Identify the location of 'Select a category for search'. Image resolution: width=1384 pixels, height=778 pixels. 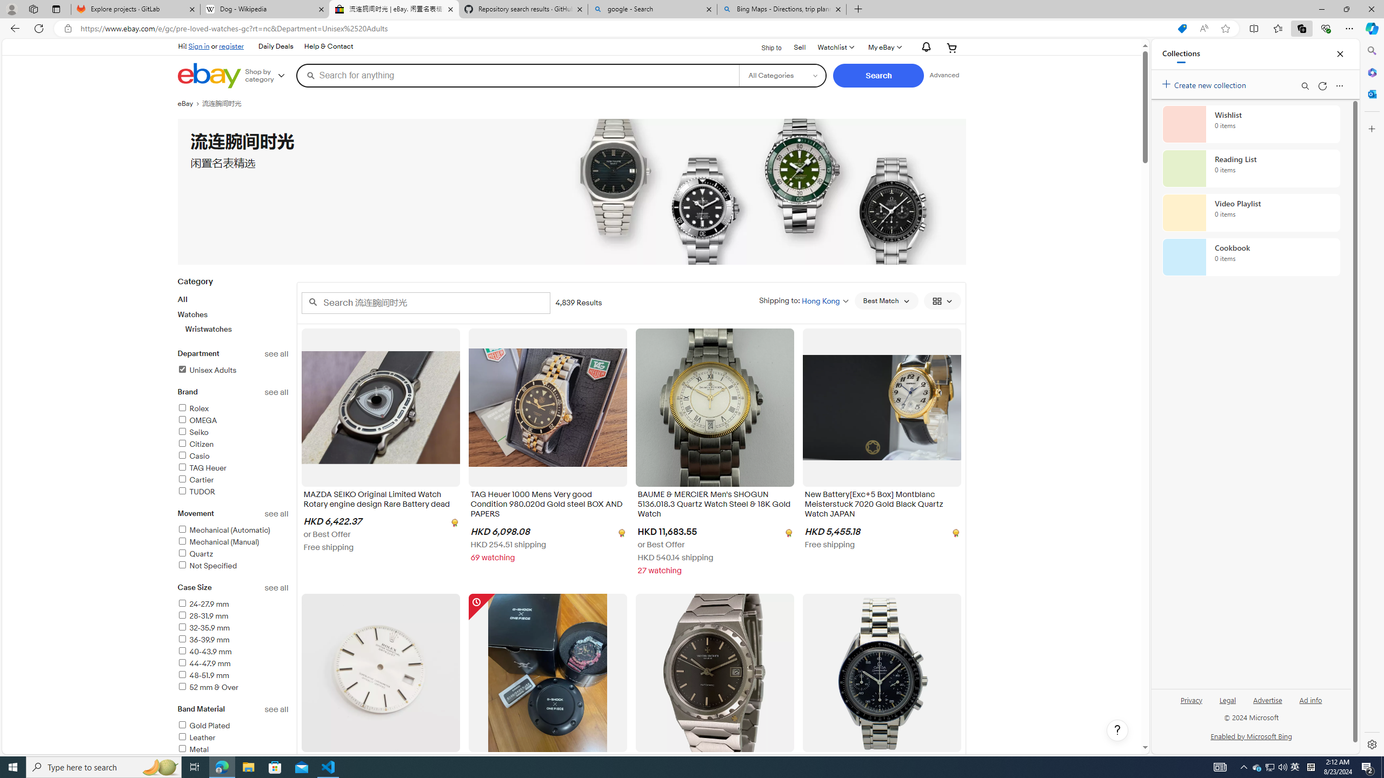
(782, 75).